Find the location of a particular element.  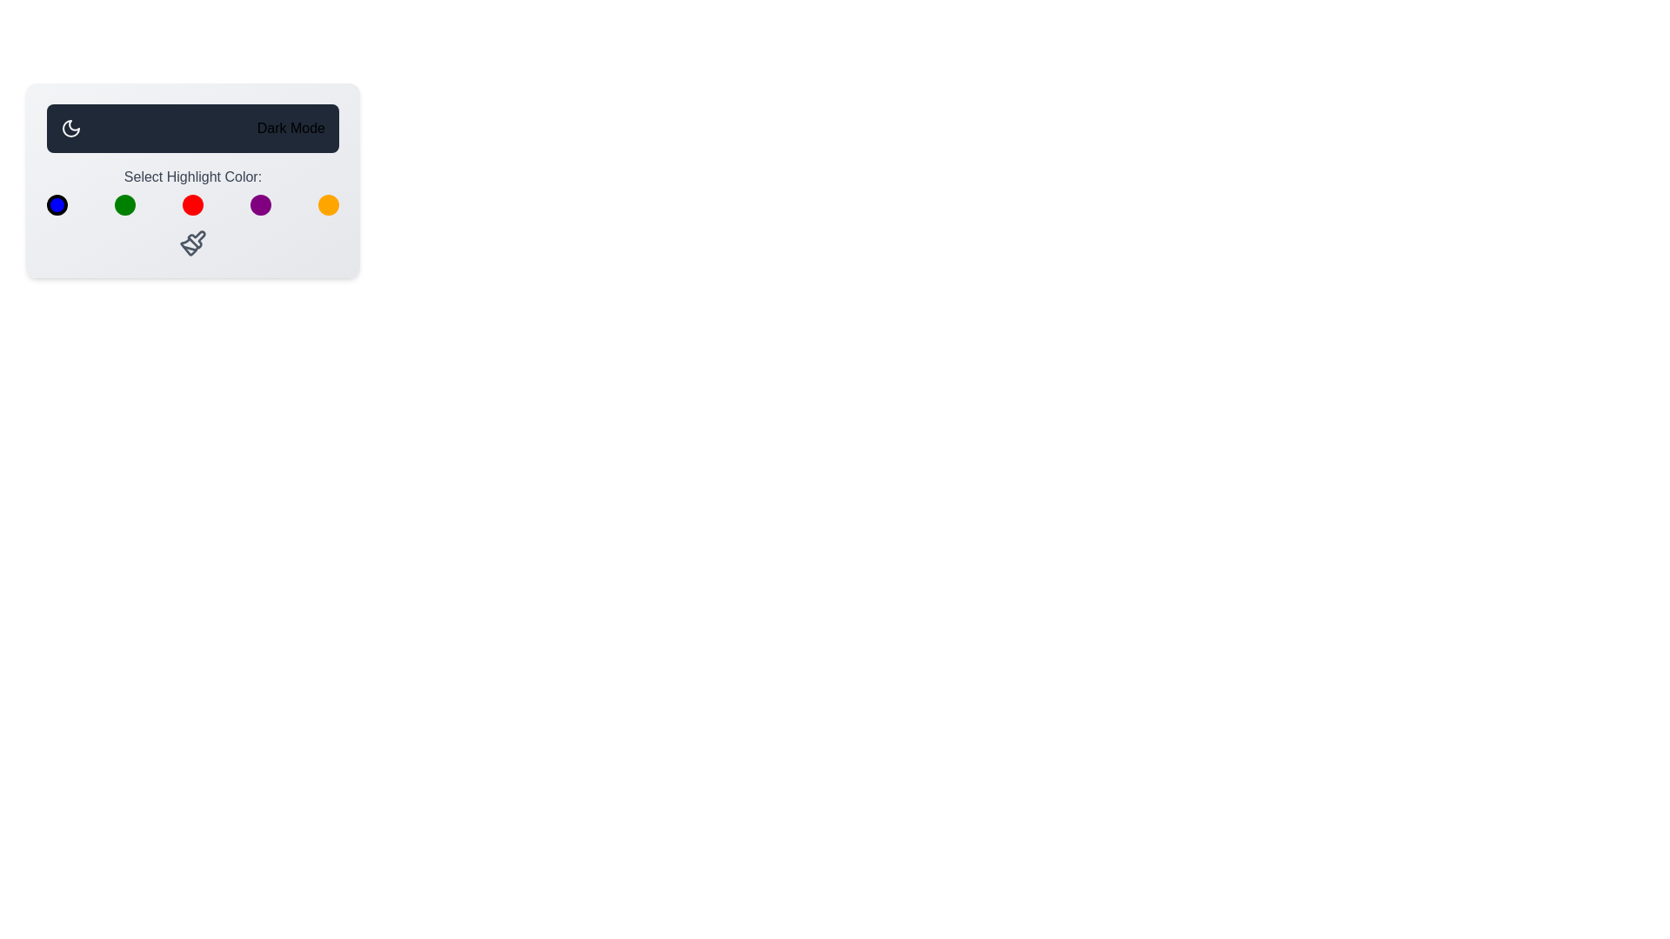

the vibrant orange circular button located at the rightmost position of the group labeled 'Select Highlight Color:' to trigger visual feedback is located at coordinates (329, 203).